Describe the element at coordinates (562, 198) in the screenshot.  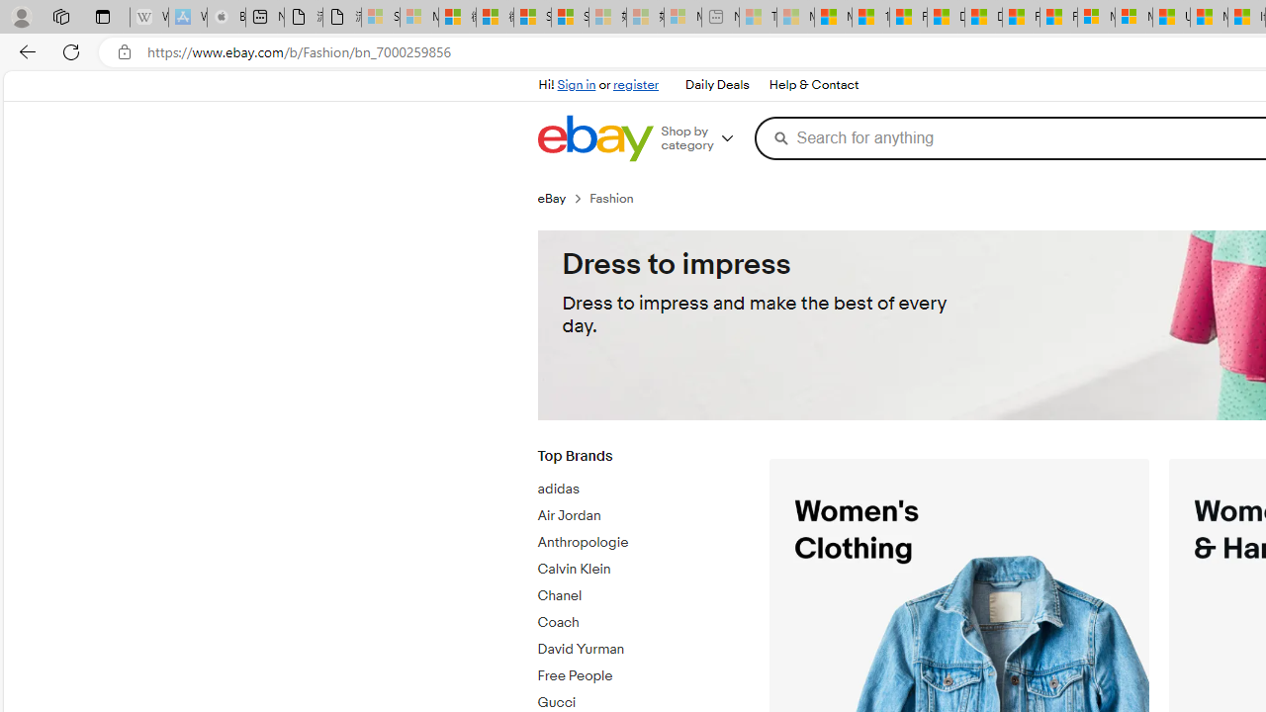
I see `'eBay'` at that location.